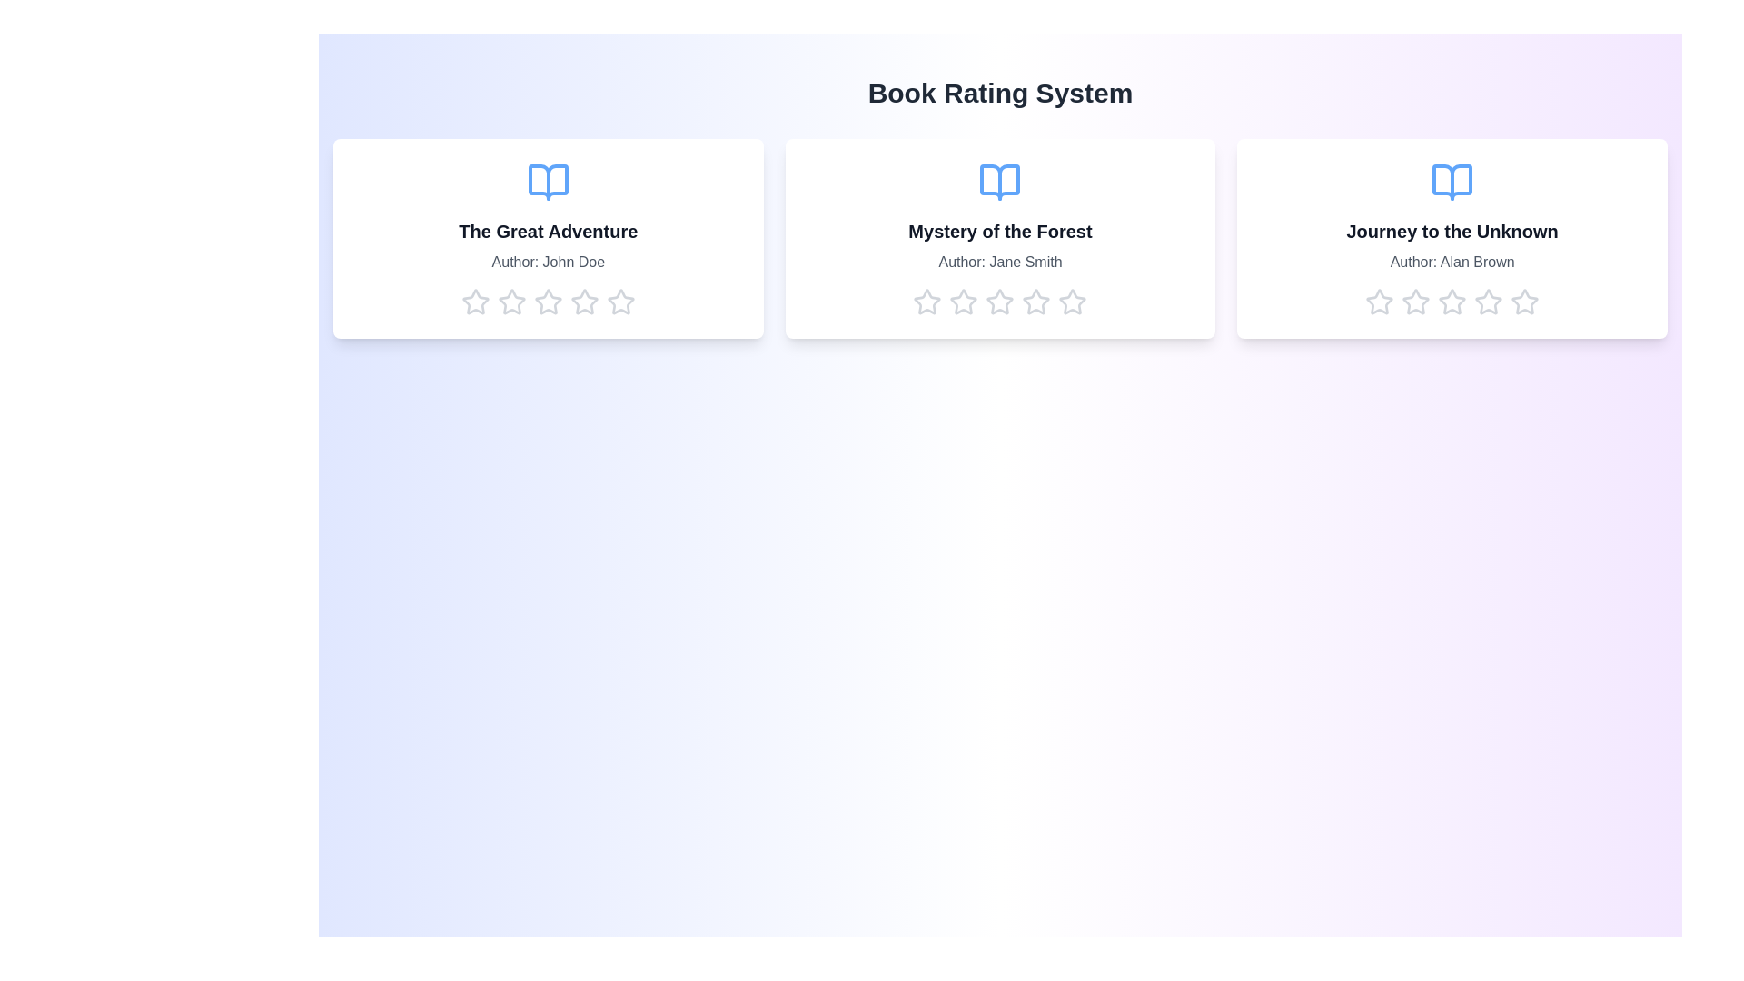  Describe the element at coordinates (475, 301) in the screenshot. I see `the star corresponding to 1 stars to preview the rating` at that location.